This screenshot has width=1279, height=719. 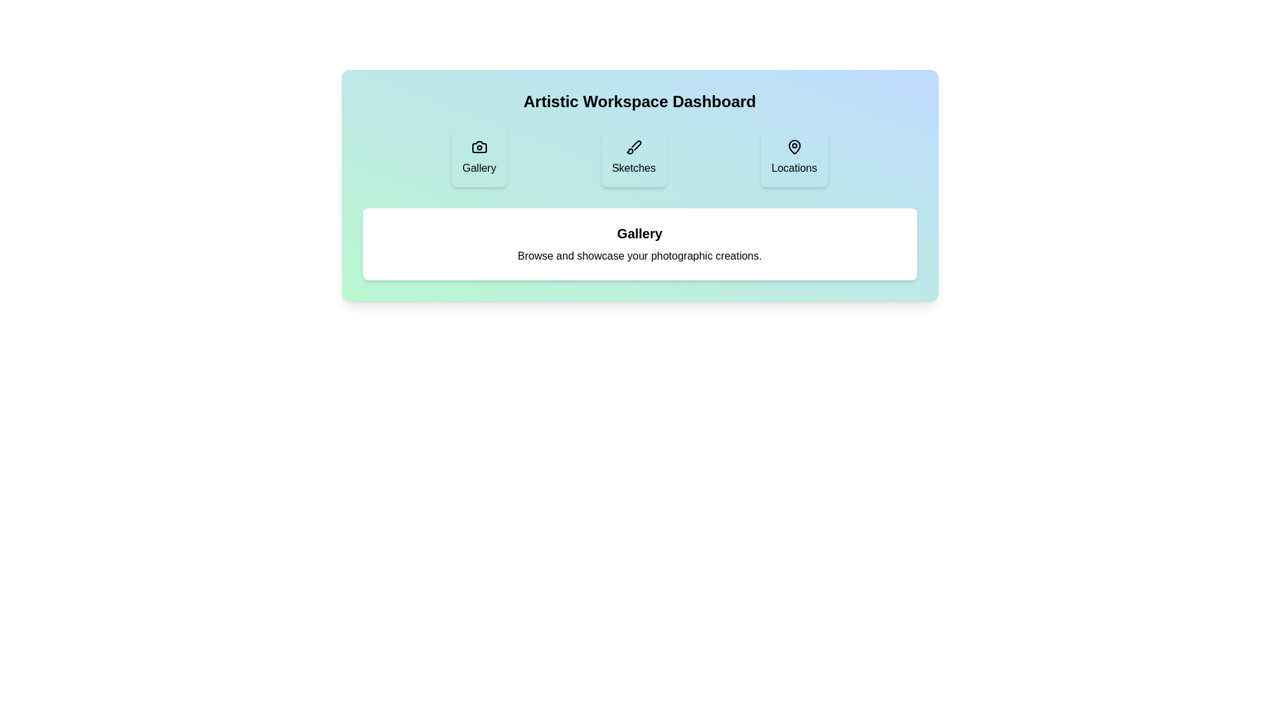 What do you see at coordinates (633, 156) in the screenshot?
I see `the Sketches tab by clicking on its button` at bounding box center [633, 156].